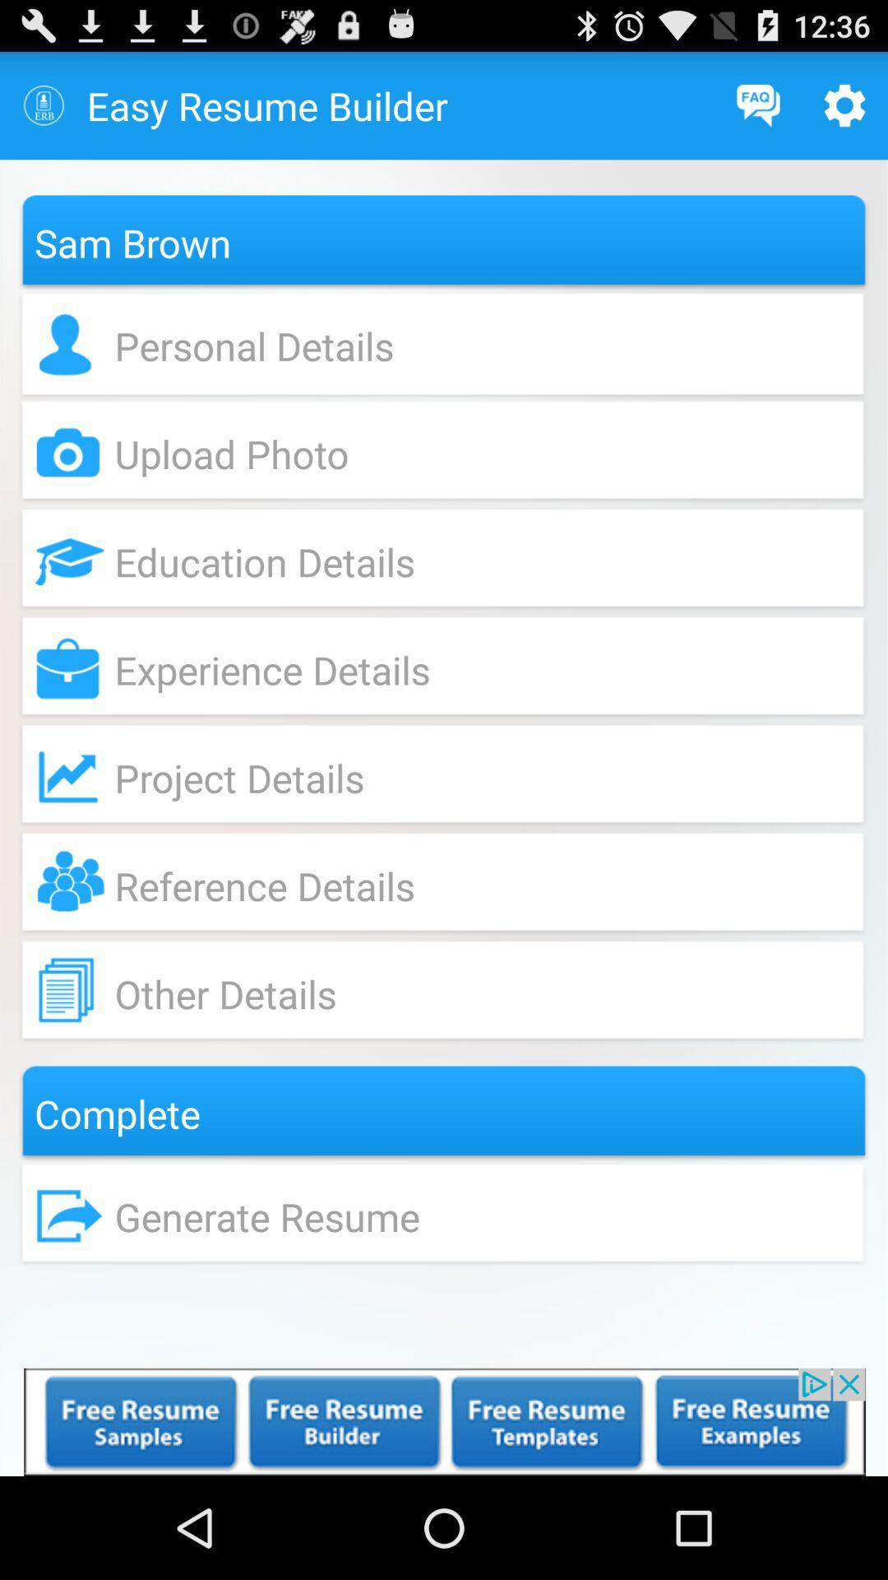 The height and width of the screenshot is (1580, 888). What do you see at coordinates (844, 105) in the screenshot?
I see `configuraes do app` at bounding box center [844, 105].